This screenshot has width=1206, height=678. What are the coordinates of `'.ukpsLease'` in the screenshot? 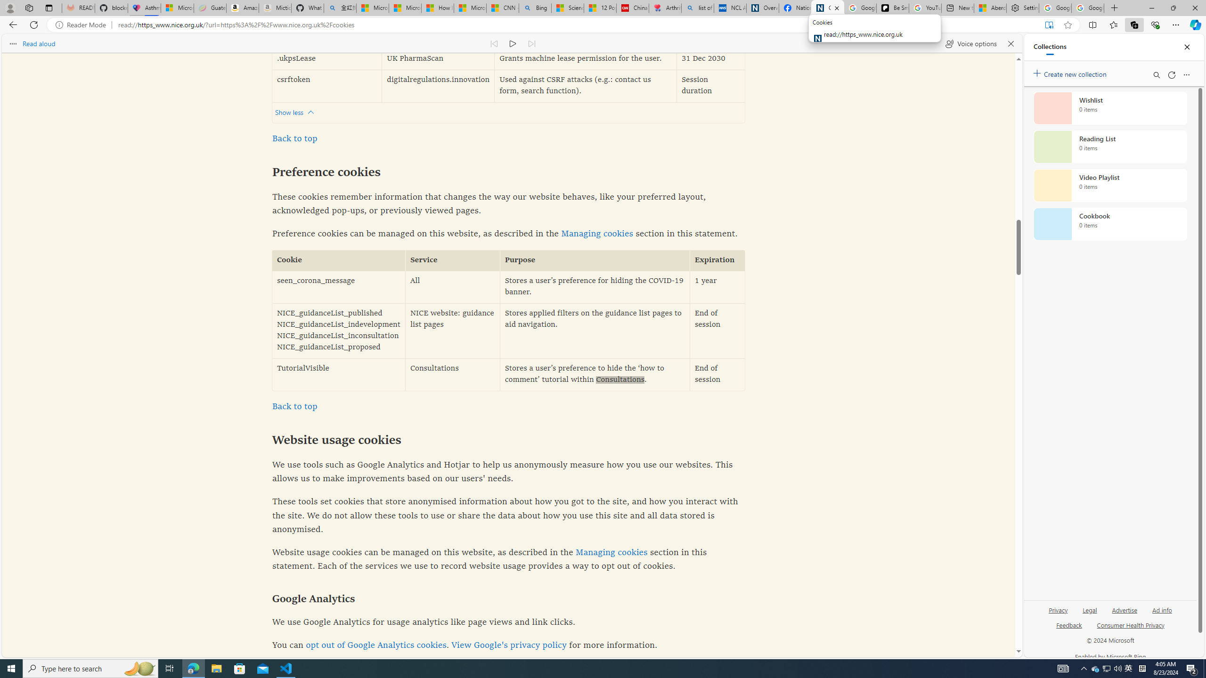 It's located at (326, 59).